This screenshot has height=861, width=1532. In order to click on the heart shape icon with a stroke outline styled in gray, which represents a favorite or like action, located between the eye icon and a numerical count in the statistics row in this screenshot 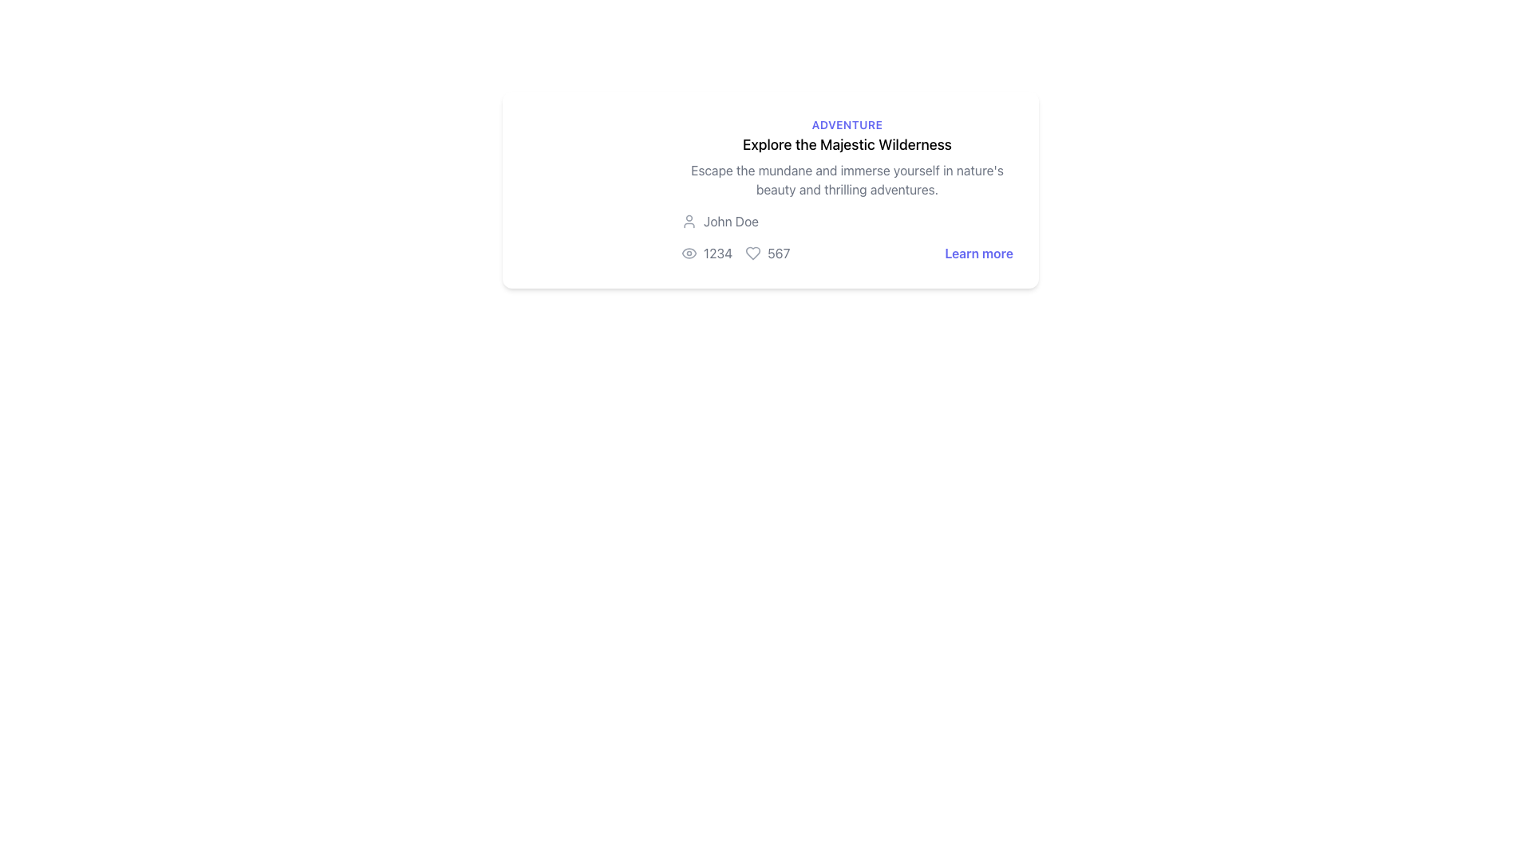, I will do `click(752, 252)`.